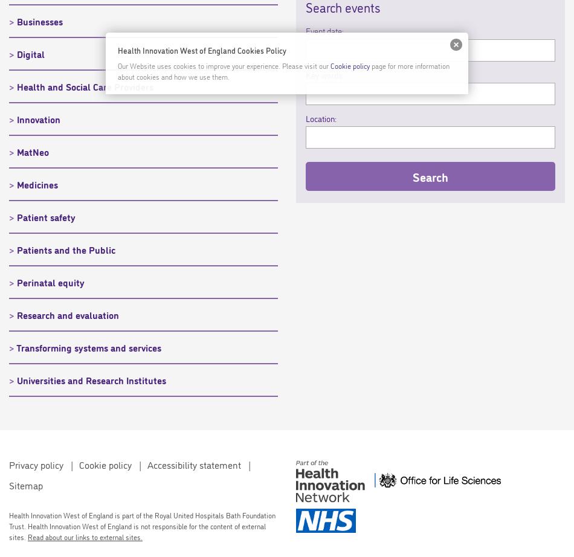 The image size is (574, 557). What do you see at coordinates (33, 150) in the screenshot?
I see `'MatNeo'` at bounding box center [33, 150].